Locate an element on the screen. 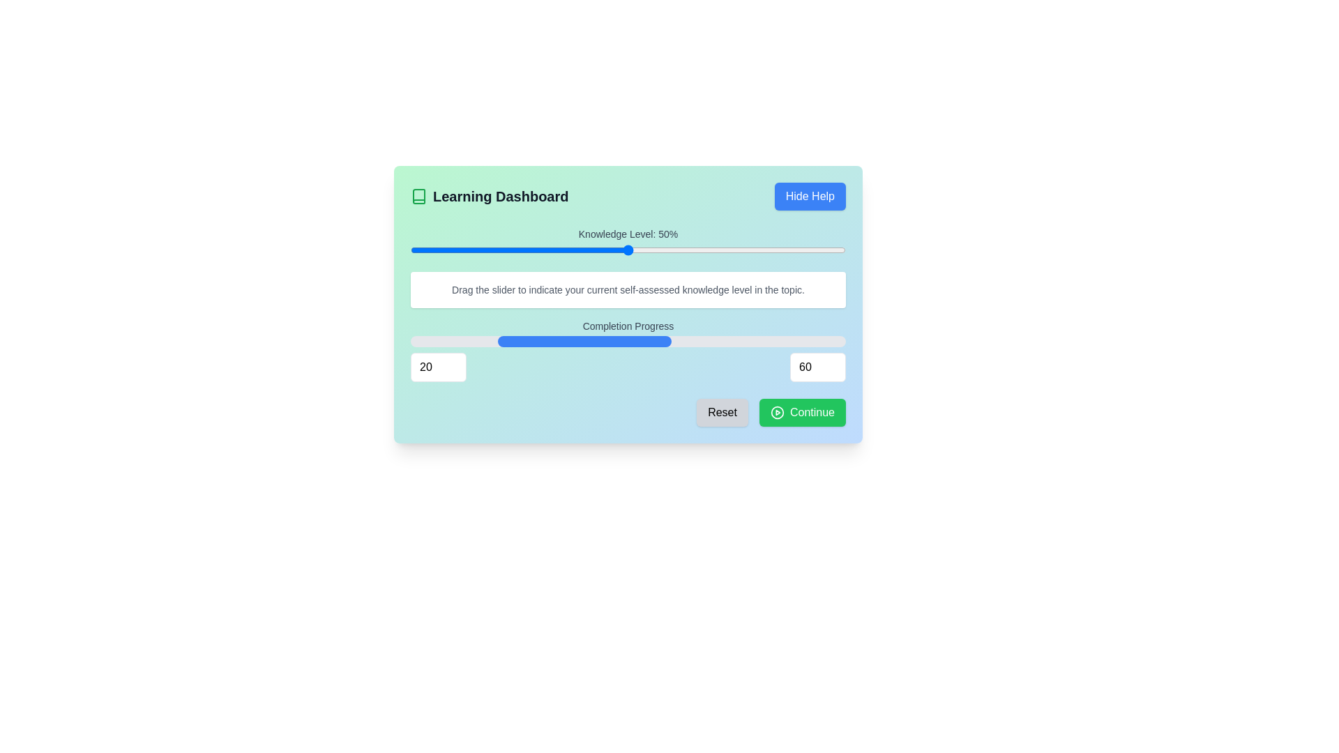  the numeric input field in the bottom-right section of the 'Completion Progress' panel is located at coordinates (817, 367).